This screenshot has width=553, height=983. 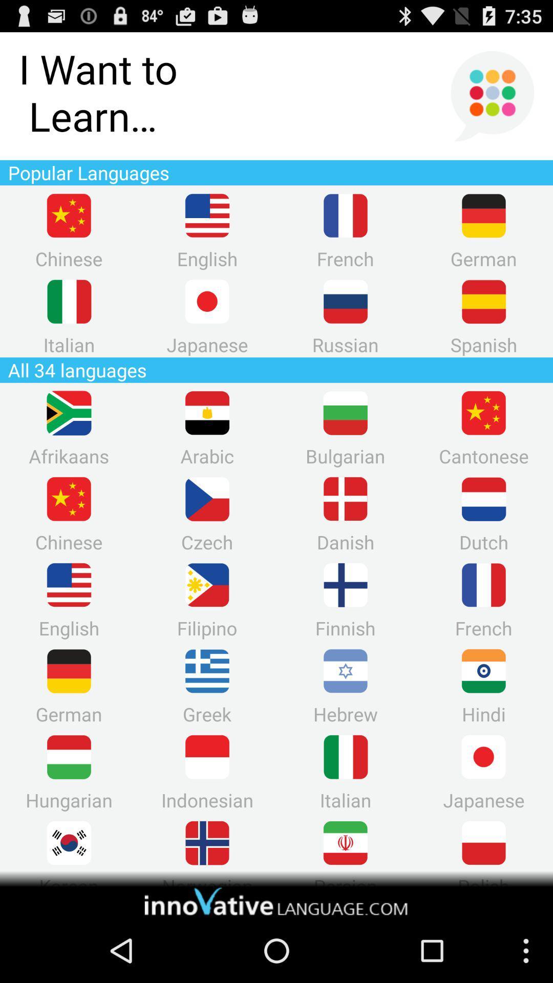 What do you see at coordinates (484, 626) in the screenshot?
I see `the pause icon` at bounding box center [484, 626].